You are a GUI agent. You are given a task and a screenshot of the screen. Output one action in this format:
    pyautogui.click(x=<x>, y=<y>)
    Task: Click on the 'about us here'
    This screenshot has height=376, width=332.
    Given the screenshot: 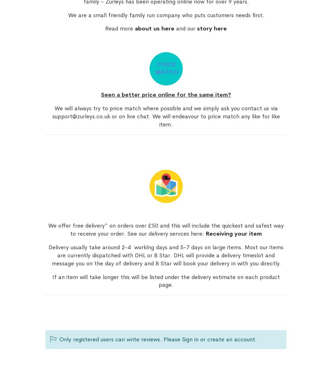 What is the action you would take?
    pyautogui.click(x=154, y=28)
    